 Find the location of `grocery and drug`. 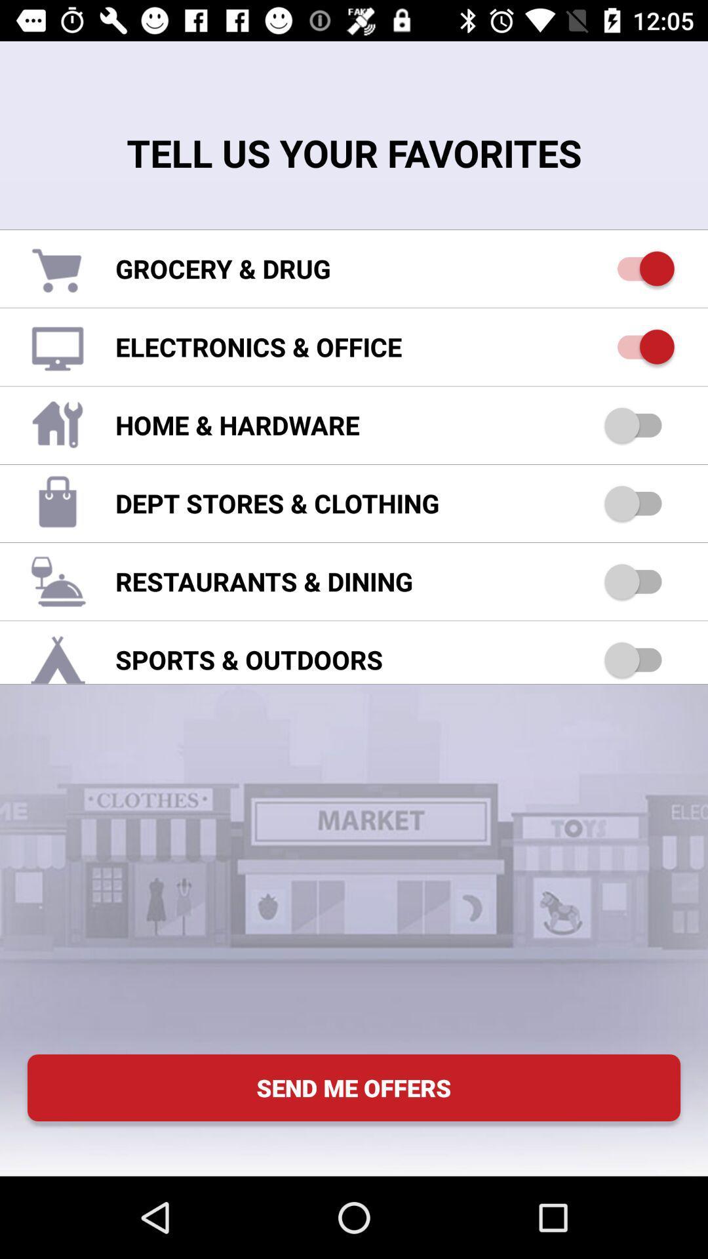

grocery and drug is located at coordinates (639, 268).